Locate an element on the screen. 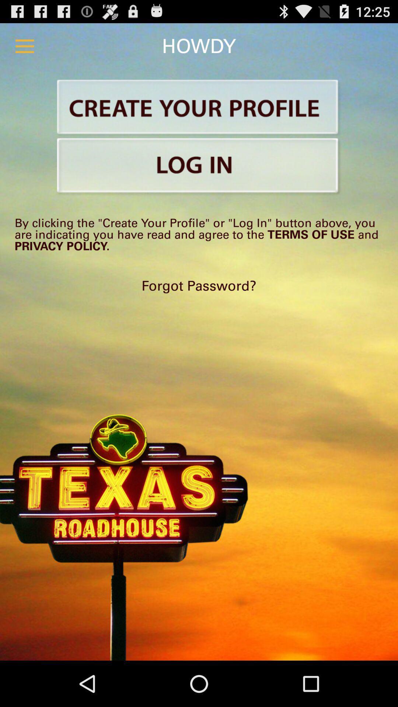 The width and height of the screenshot is (398, 707). forgot password? at the center is located at coordinates (199, 285).